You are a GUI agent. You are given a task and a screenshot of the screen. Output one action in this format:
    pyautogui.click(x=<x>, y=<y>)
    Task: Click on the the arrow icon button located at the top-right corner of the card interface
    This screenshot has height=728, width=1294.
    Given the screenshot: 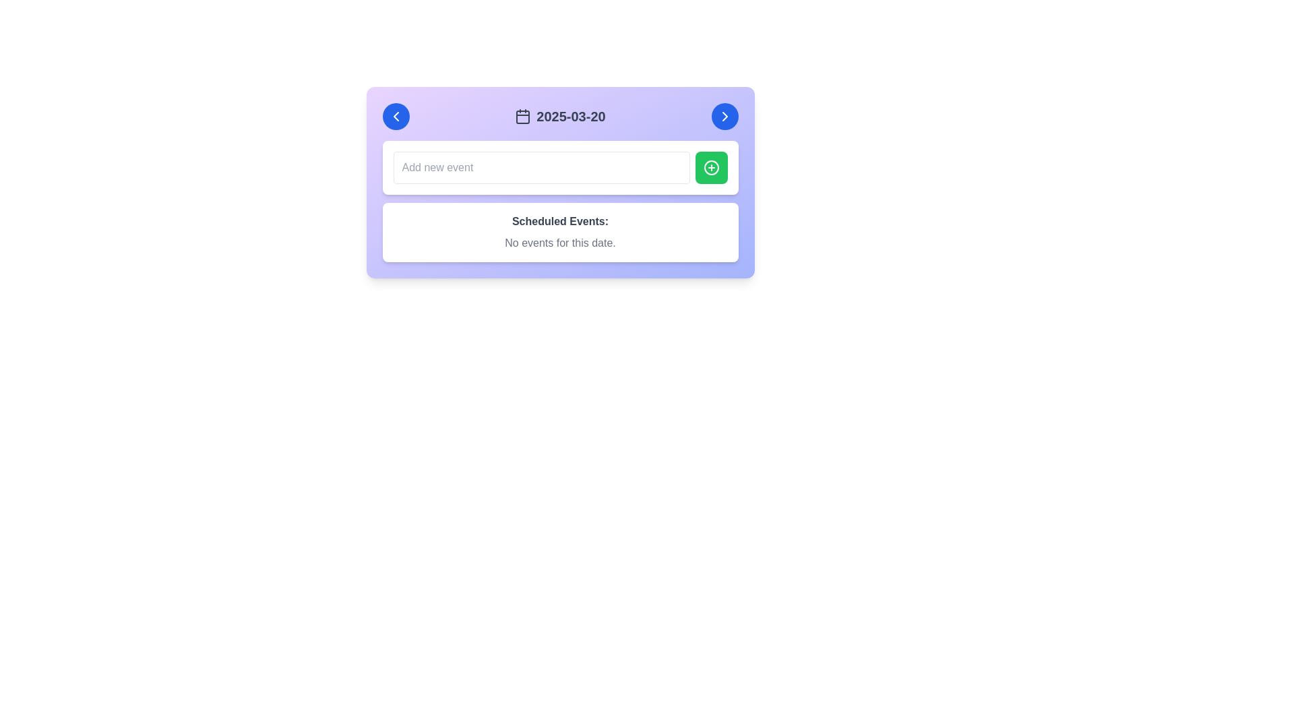 What is the action you would take?
    pyautogui.click(x=724, y=116)
    